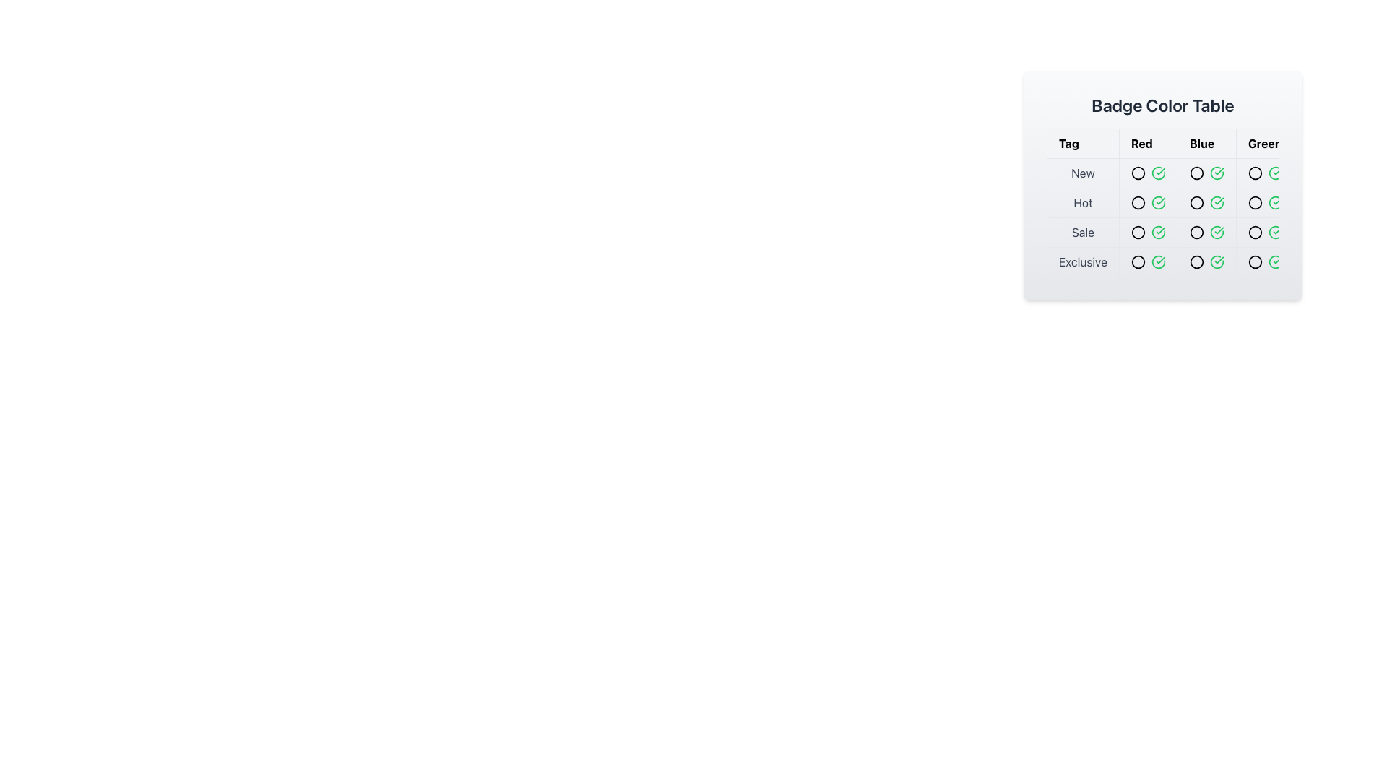 Image resolution: width=1387 pixels, height=780 pixels. I want to click on the 'Exclusive' badge icon in the 'Green' category located in the last row of the table, so click(1158, 261).